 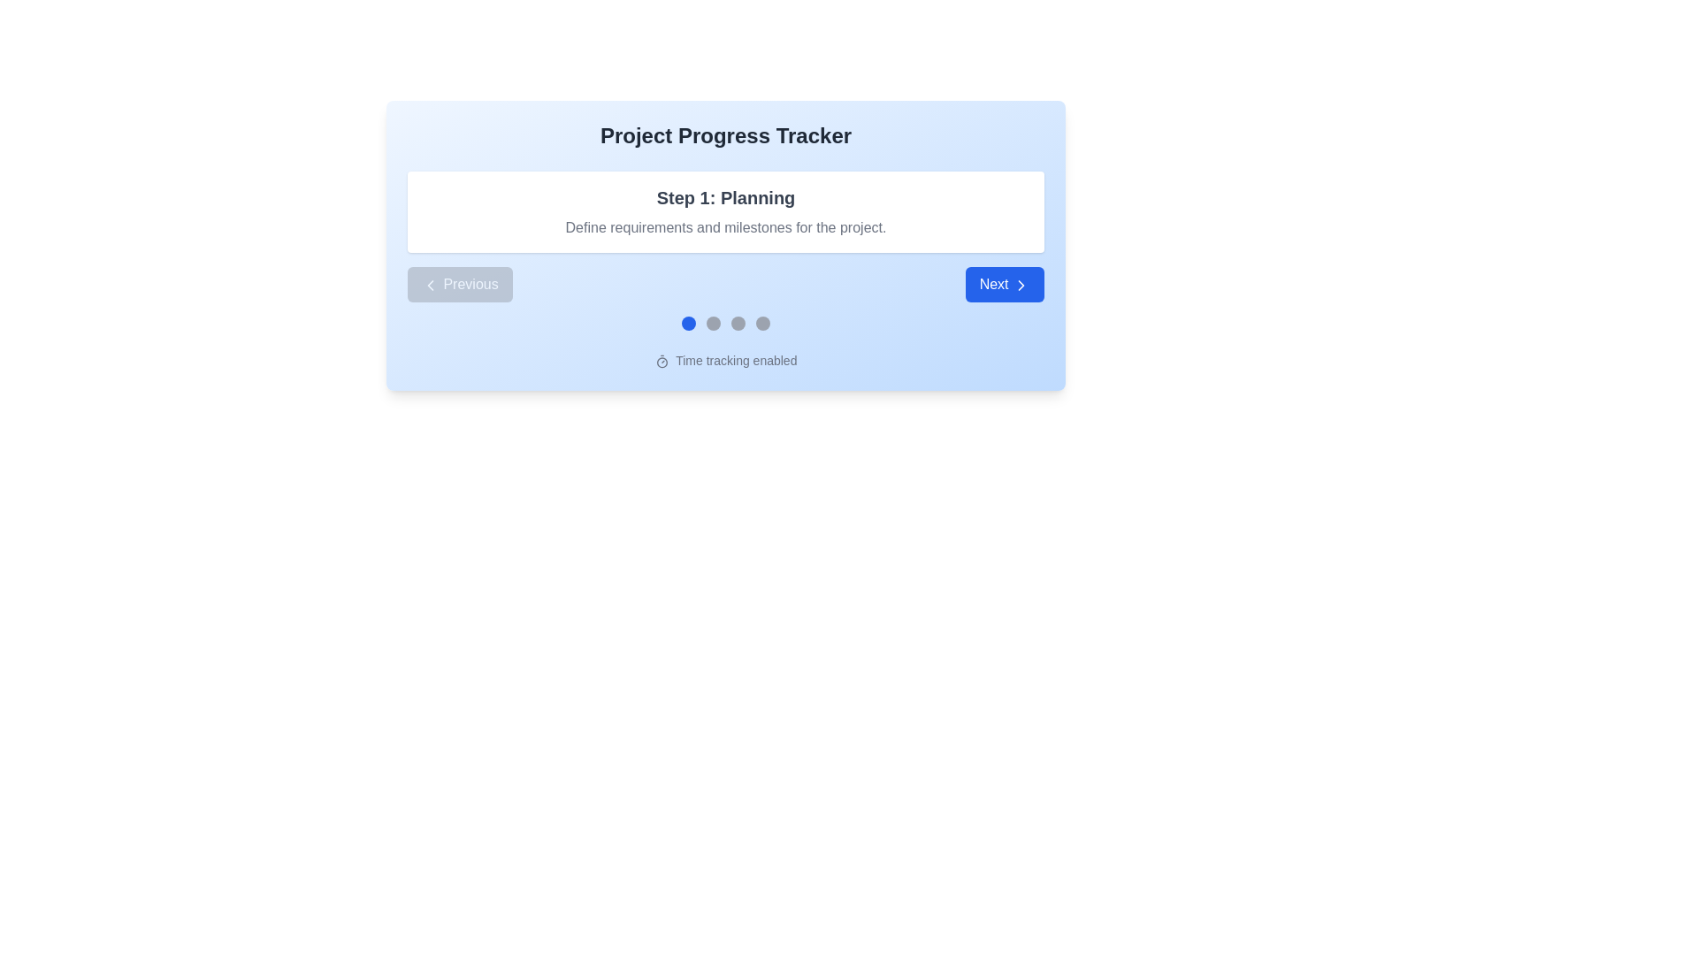 I want to click on the status of the fourth step progress indicator, which visually signifies the user is currently on this step in a multi-step process, so click(x=763, y=324).